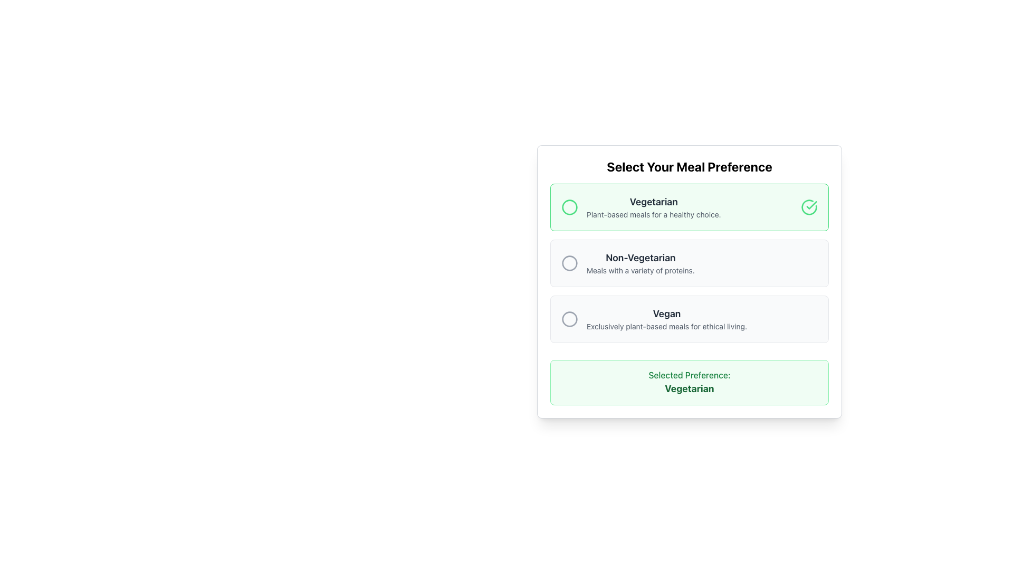 Image resolution: width=1013 pixels, height=570 pixels. What do you see at coordinates (689, 388) in the screenshot?
I see `the label that indicates the current meal preference selection, located under the 'Selected Preference:' section` at bounding box center [689, 388].